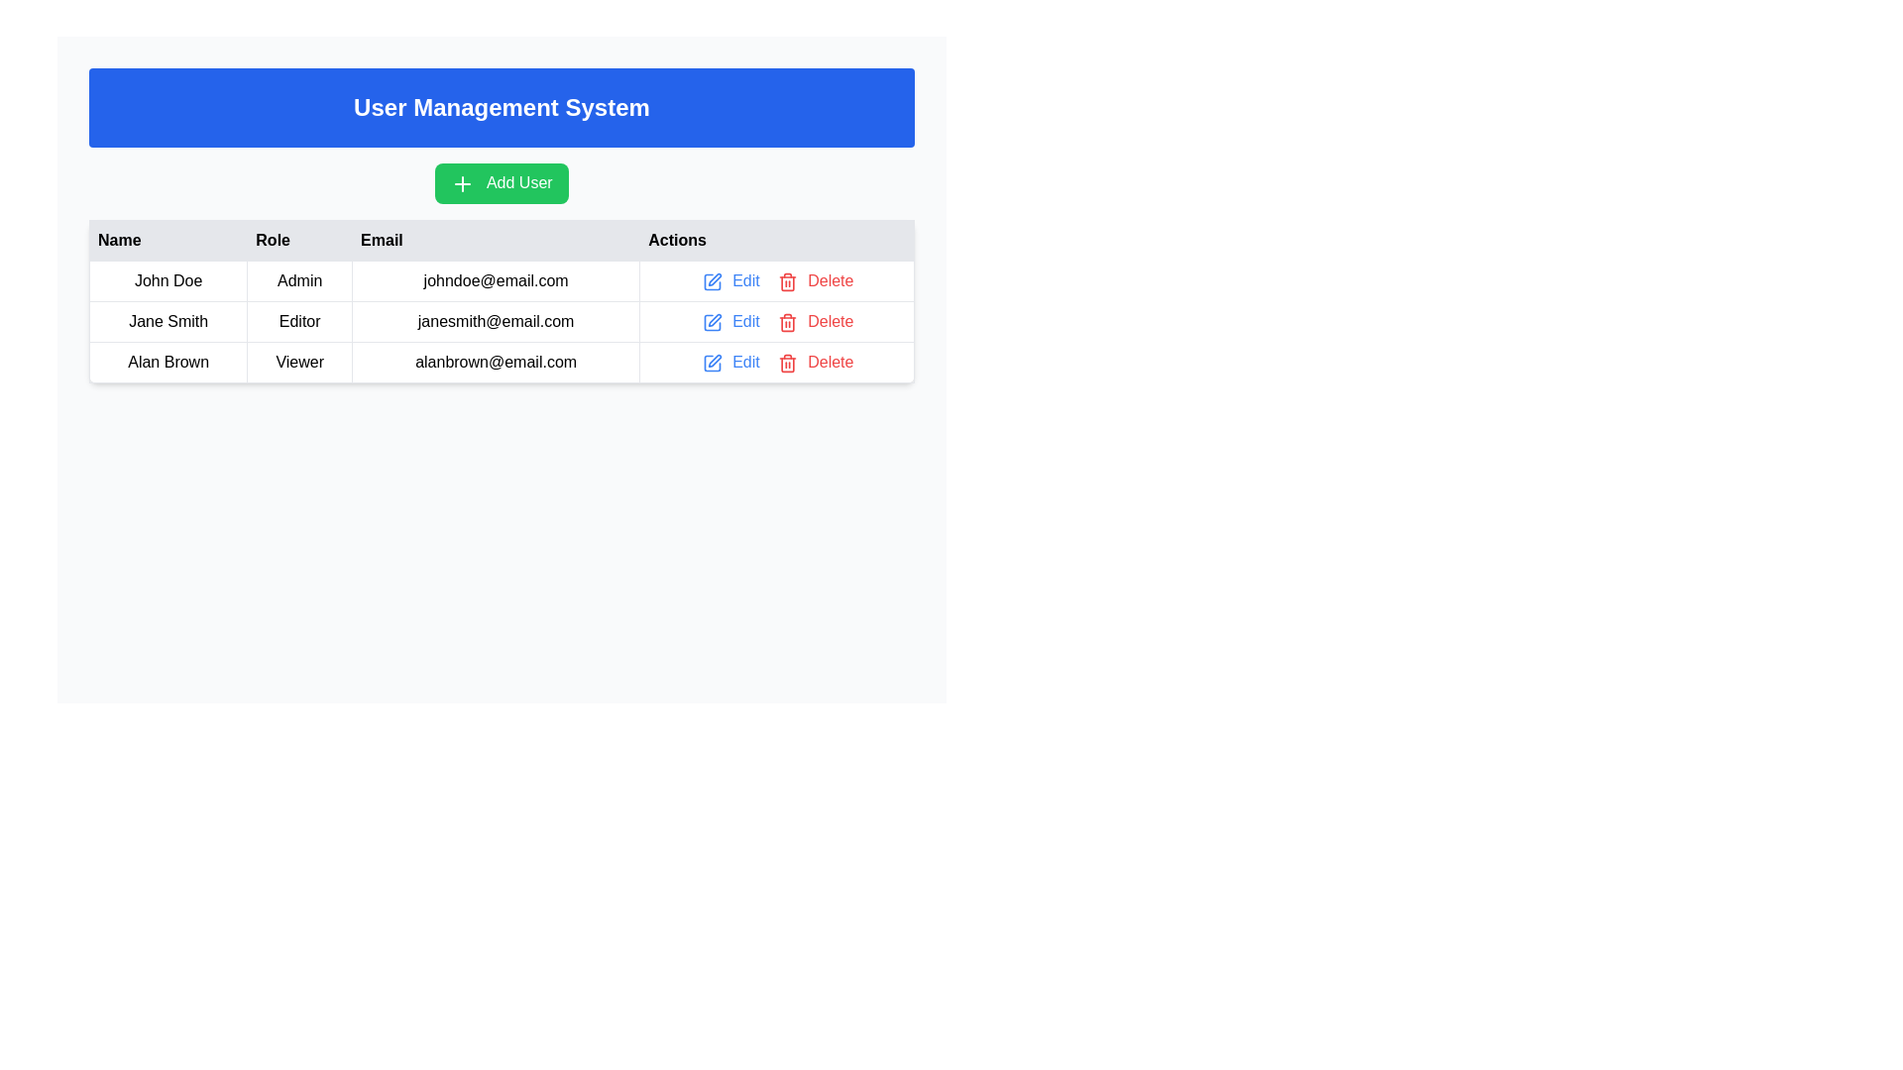  Describe the element at coordinates (502, 272) in the screenshot. I see `the email address 'johndoe@email.com' in the first entry of the 'Email' column of the data table` at that location.